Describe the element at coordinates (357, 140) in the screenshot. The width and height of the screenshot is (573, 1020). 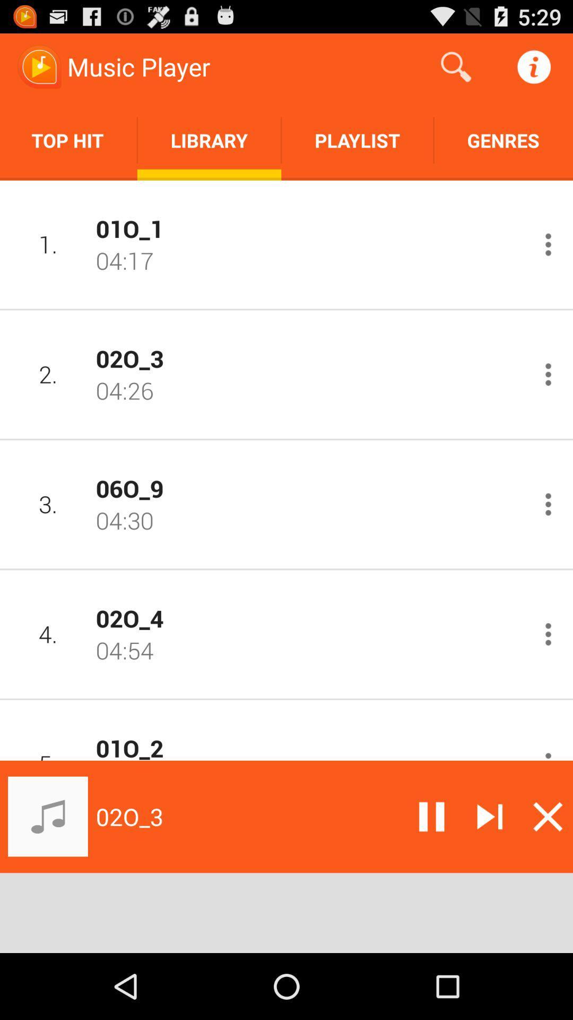
I see `the icon above 01o_1 app` at that location.